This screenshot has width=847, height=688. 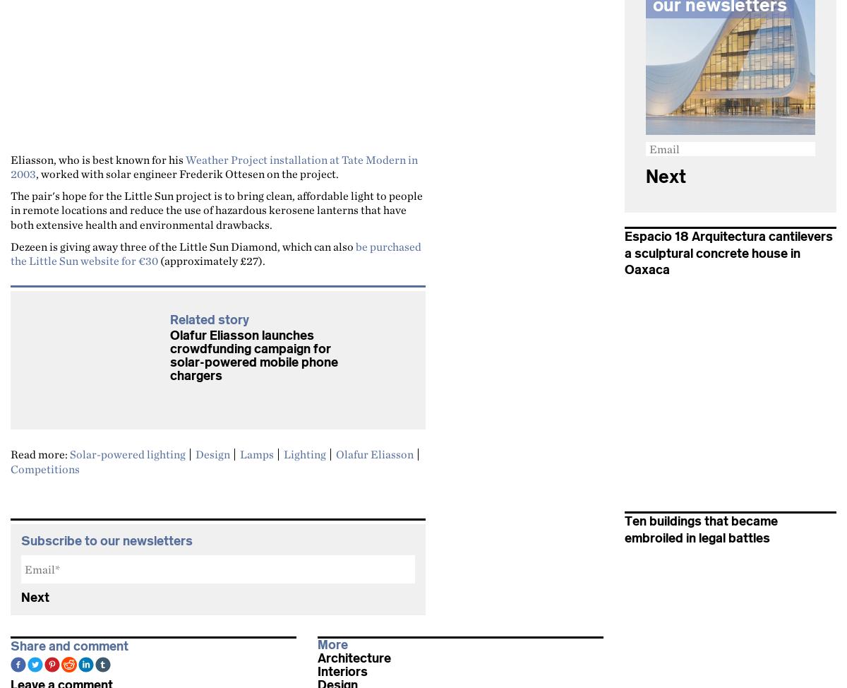 I want to click on 'Eliasson, who is best known for his', so click(x=97, y=158).